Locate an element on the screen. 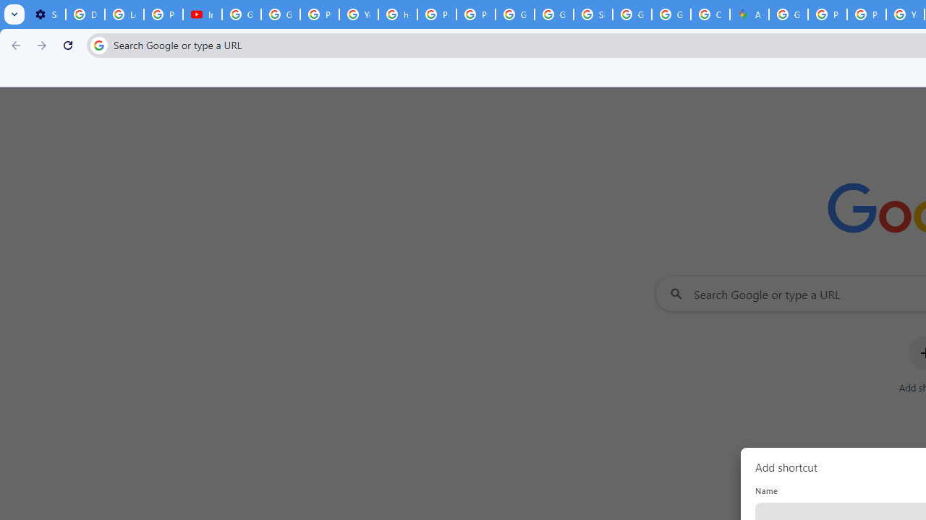  'Create your Google Account' is located at coordinates (710, 14).